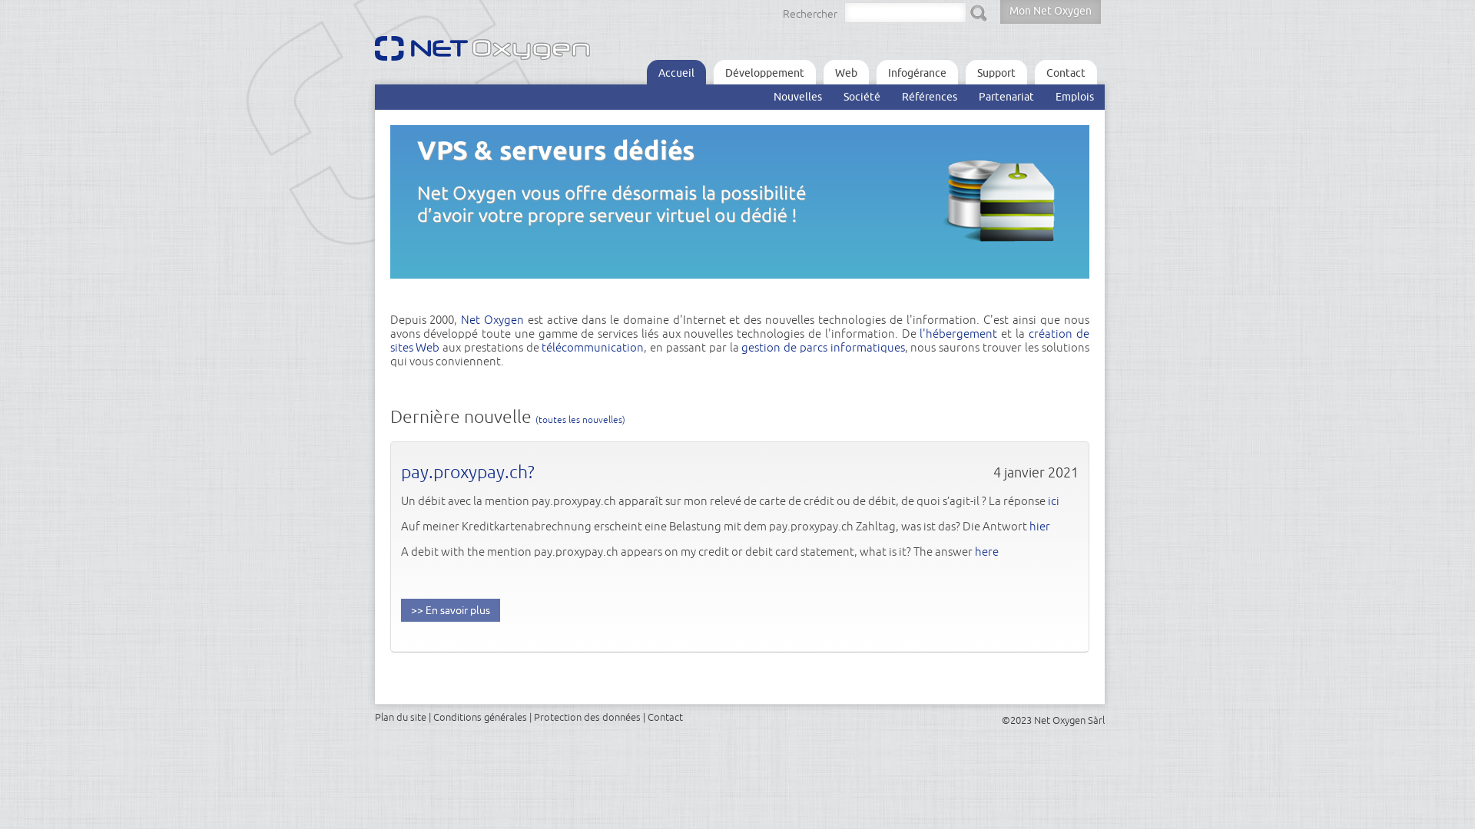  I want to click on 'Web', so click(822, 71).